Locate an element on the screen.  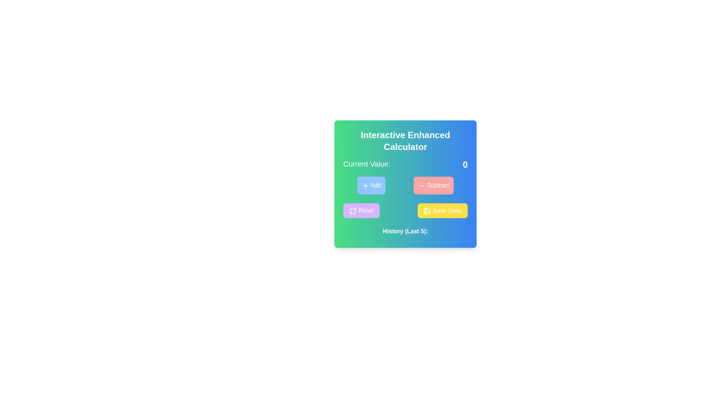
text label displaying 'History (Last 5):' which is bold and located at the bottom of the card interface is located at coordinates (405, 231).